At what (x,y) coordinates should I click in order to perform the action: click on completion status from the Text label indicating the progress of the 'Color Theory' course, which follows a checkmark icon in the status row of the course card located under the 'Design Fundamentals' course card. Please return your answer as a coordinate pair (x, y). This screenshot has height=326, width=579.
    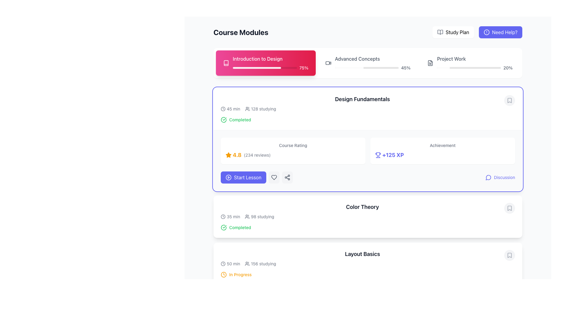
    Looking at the image, I should click on (240, 227).